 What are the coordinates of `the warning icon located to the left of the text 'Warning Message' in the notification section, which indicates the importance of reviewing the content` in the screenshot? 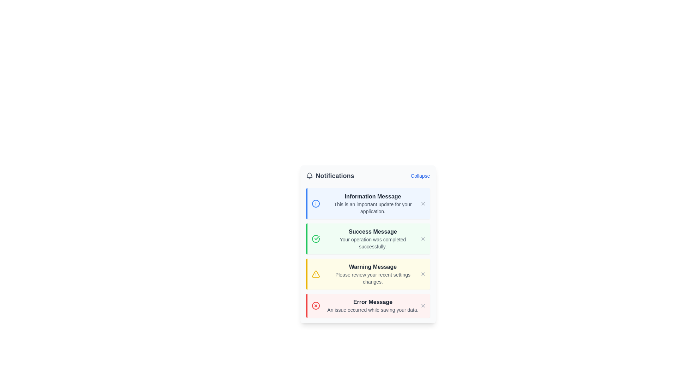 It's located at (315, 274).